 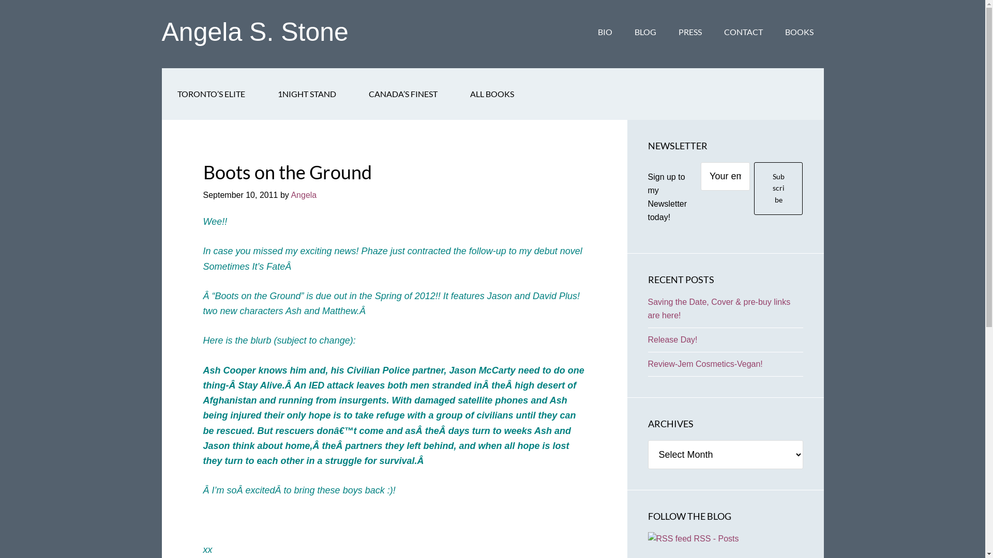 What do you see at coordinates (306, 94) in the screenshot?
I see `'1NIGHT STAND'` at bounding box center [306, 94].